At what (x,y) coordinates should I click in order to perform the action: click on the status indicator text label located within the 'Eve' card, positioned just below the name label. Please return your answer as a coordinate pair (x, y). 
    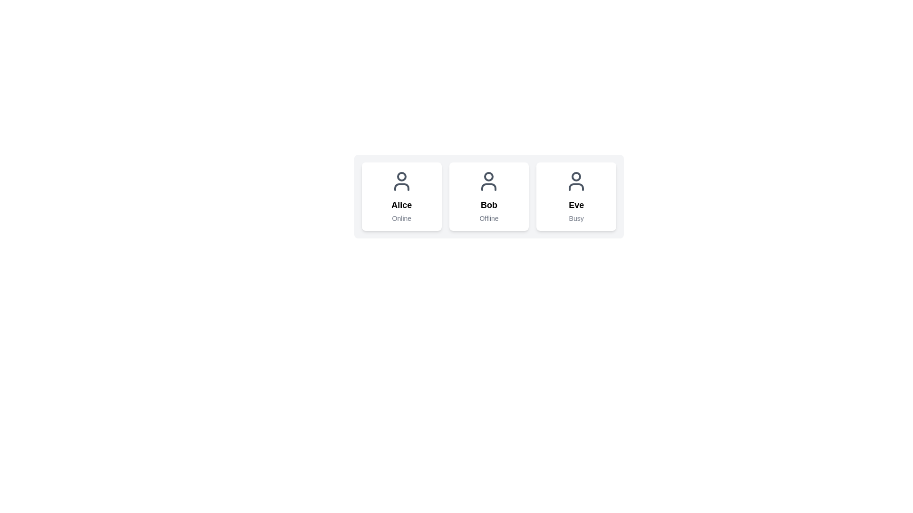
    Looking at the image, I should click on (576, 218).